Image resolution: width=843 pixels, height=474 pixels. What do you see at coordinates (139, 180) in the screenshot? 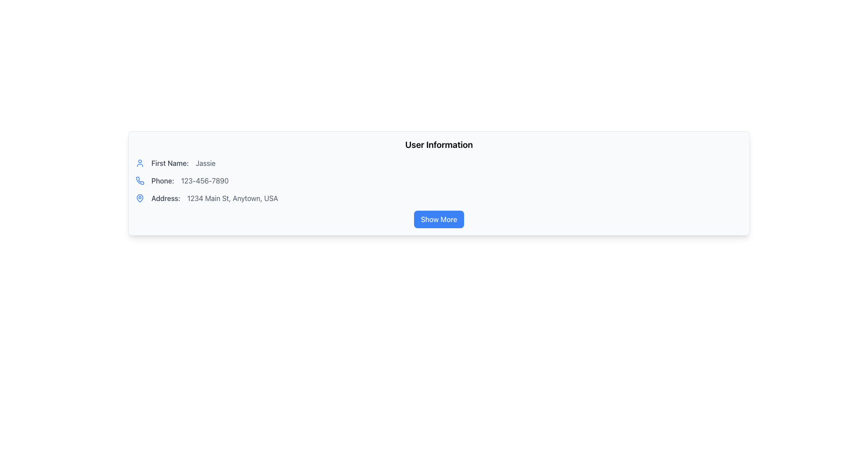
I see `the blue phone icon located to the left of the 'Phone: 123-456-7890' text` at bounding box center [139, 180].